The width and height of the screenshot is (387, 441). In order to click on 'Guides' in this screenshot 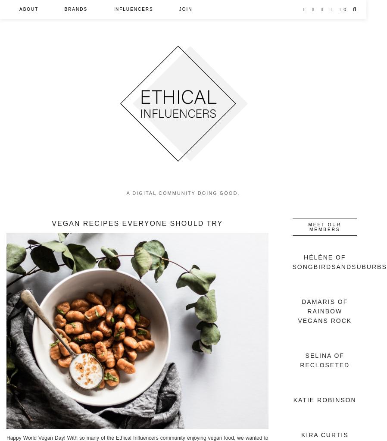, I will do `click(113, 110)`.